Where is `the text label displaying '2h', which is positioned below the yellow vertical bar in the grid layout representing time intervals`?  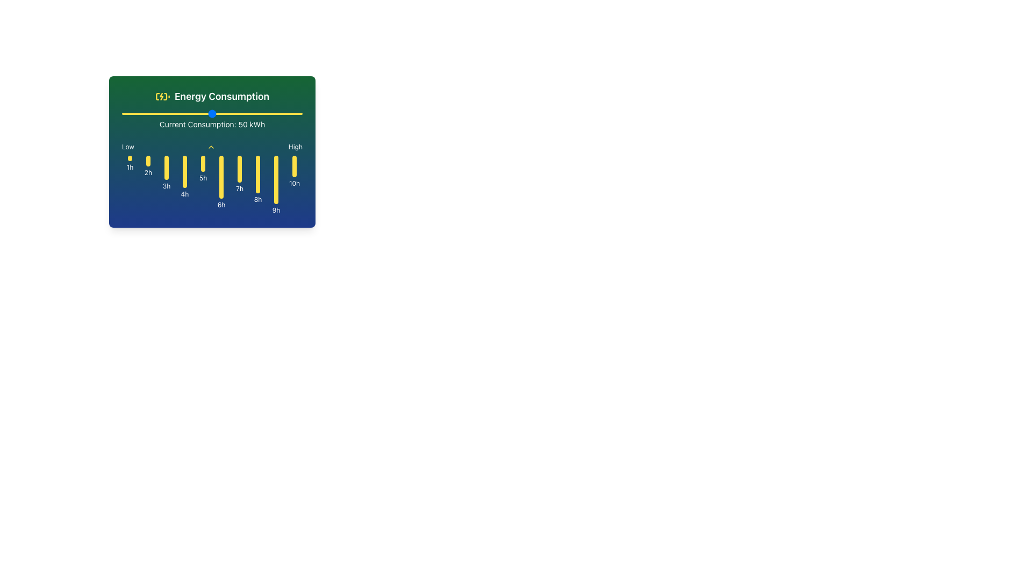
the text label displaying '2h', which is positioned below the yellow vertical bar in the grid layout representing time intervals is located at coordinates (147, 172).